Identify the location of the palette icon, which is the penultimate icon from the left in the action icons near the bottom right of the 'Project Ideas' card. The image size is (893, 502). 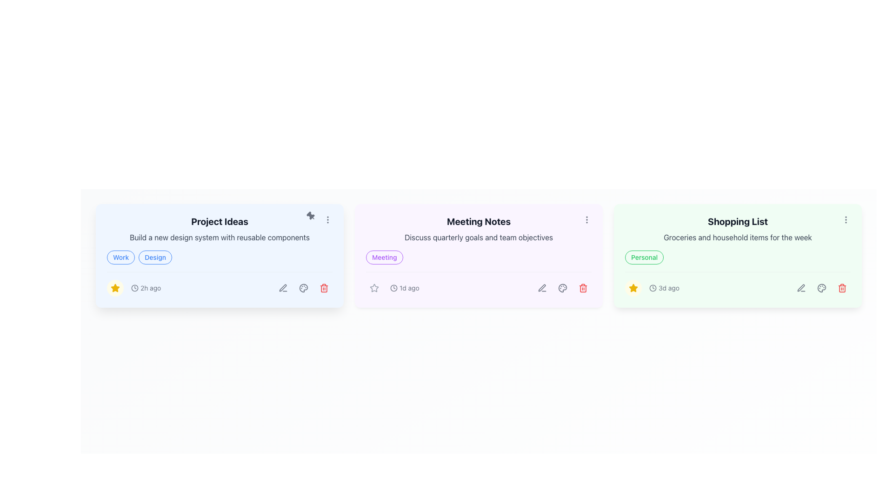
(303, 288).